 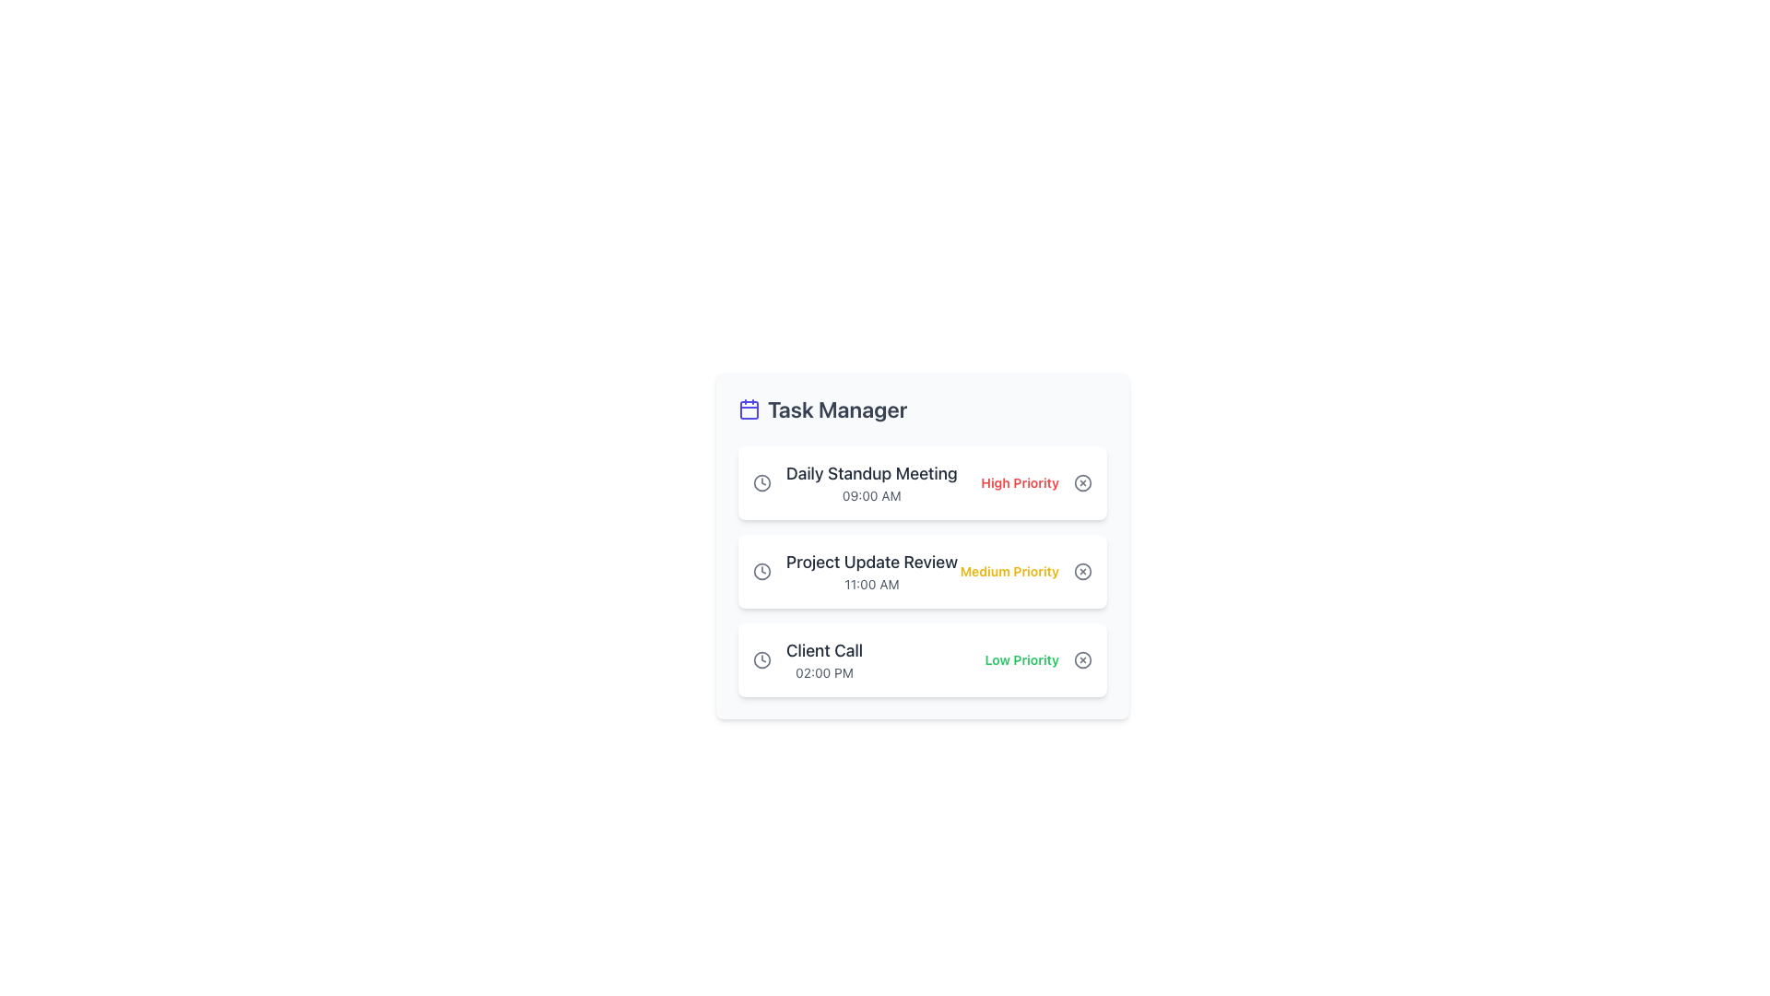 I want to click on the text display indicating a scheduled task or event labeled 'Client Call' at 02:00 PM, located in the third card of the 'Task Manager' section, so click(x=823, y=659).